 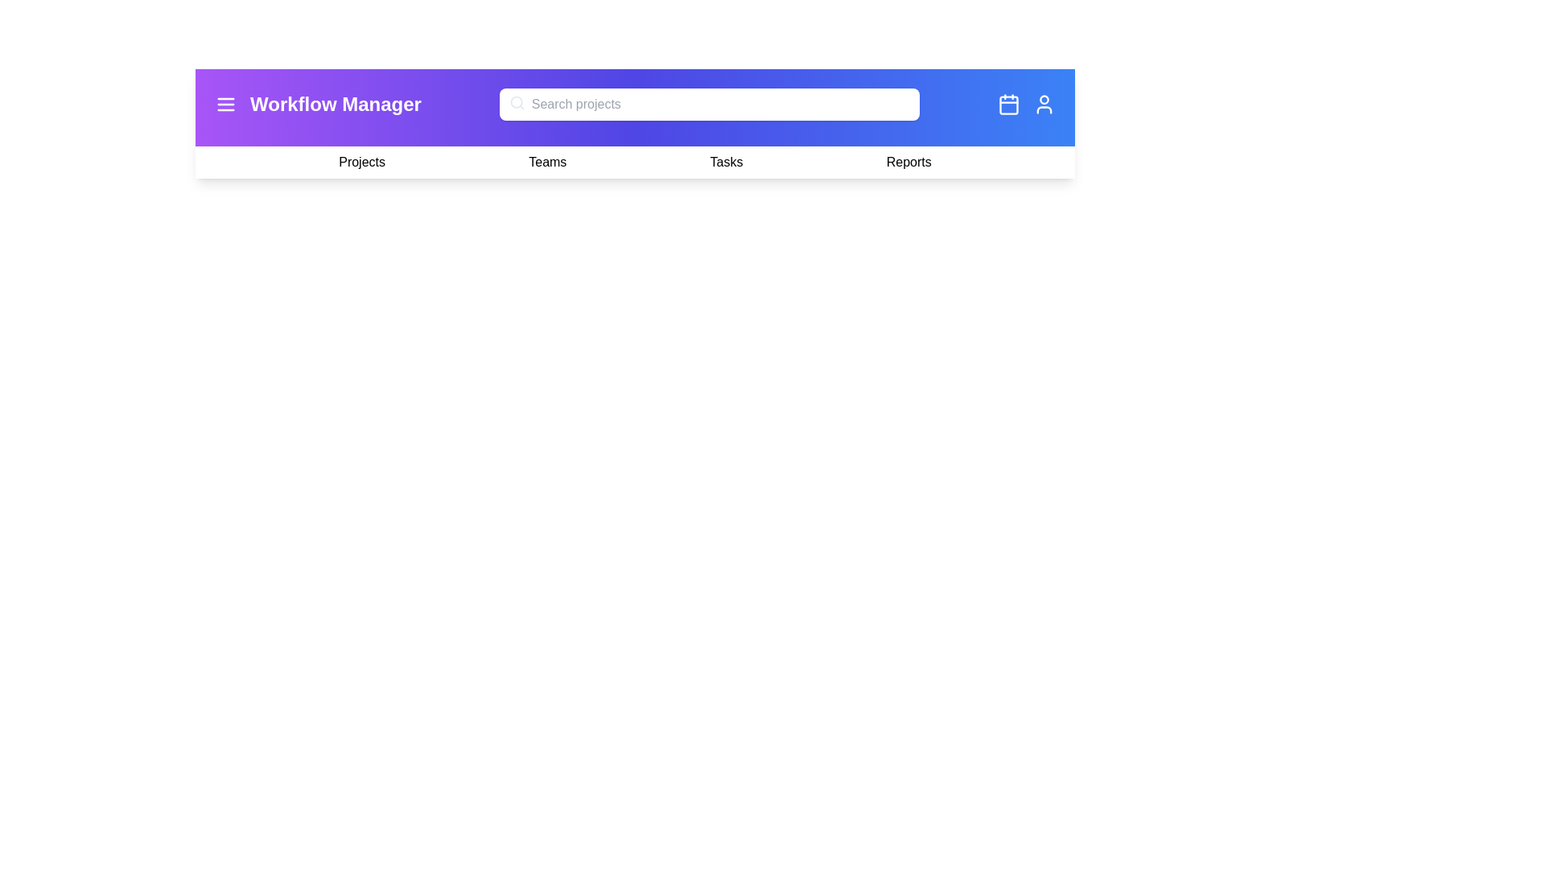 I want to click on menu button to toggle the options, so click(x=225, y=105).